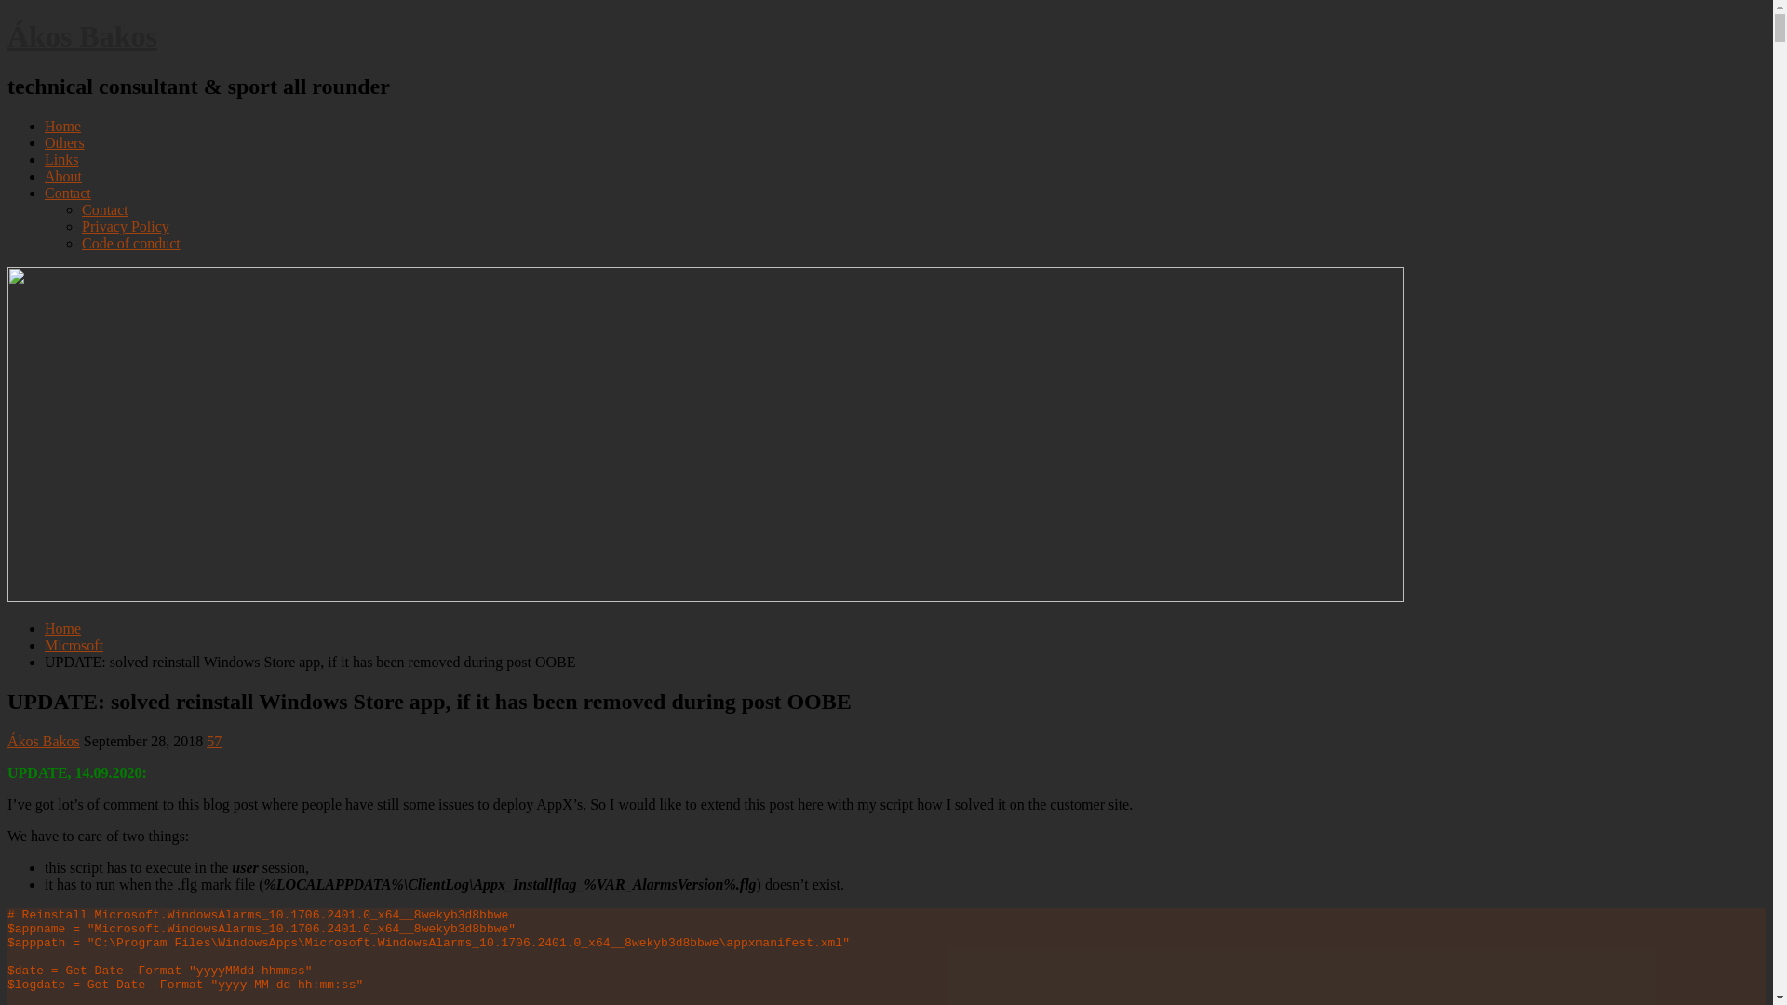 Image resolution: width=1787 pixels, height=1005 pixels. Describe the element at coordinates (64, 141) in the screenshot. I see `'Others'` at that location.